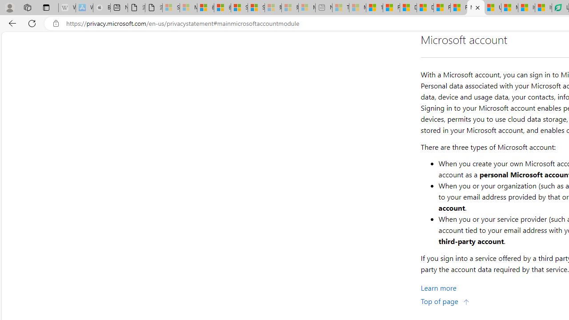 The width and height of the screenshot is (569, 320). I want to click on 'Sign in to your Microsoft account - Sleeping', so click(171, 8).